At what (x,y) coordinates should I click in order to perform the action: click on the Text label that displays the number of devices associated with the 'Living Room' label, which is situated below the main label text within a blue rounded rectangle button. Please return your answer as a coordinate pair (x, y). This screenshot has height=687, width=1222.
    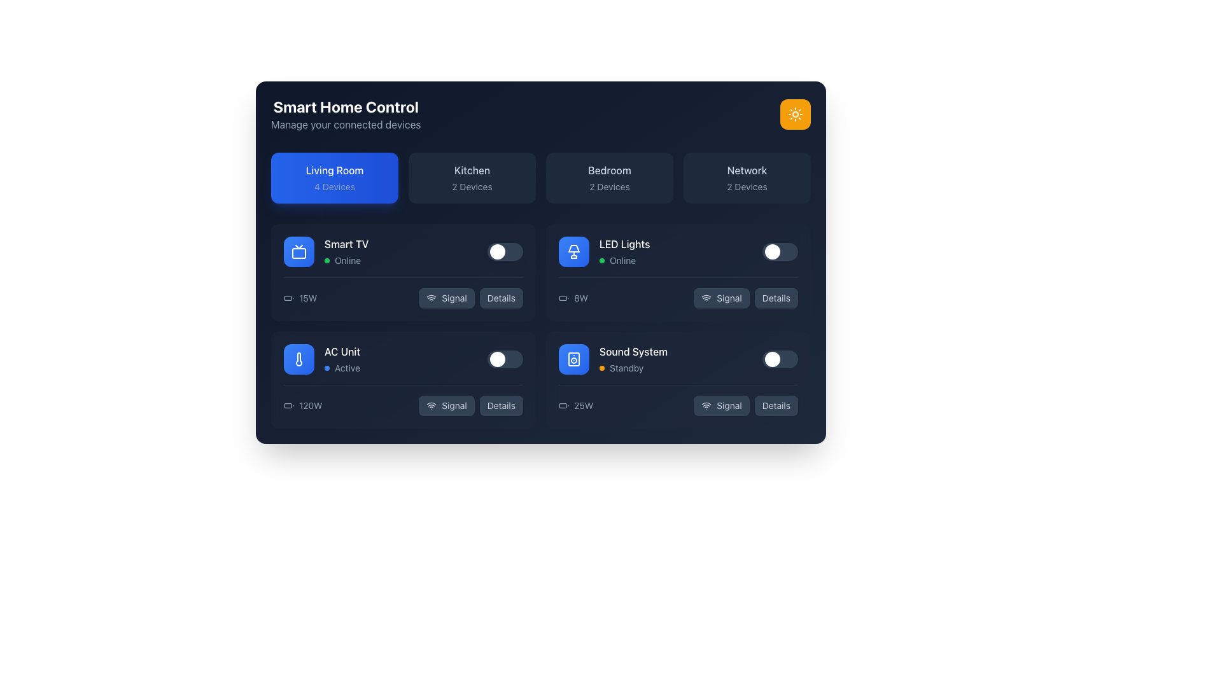
    Looking at the image, I should click on (335, 186).